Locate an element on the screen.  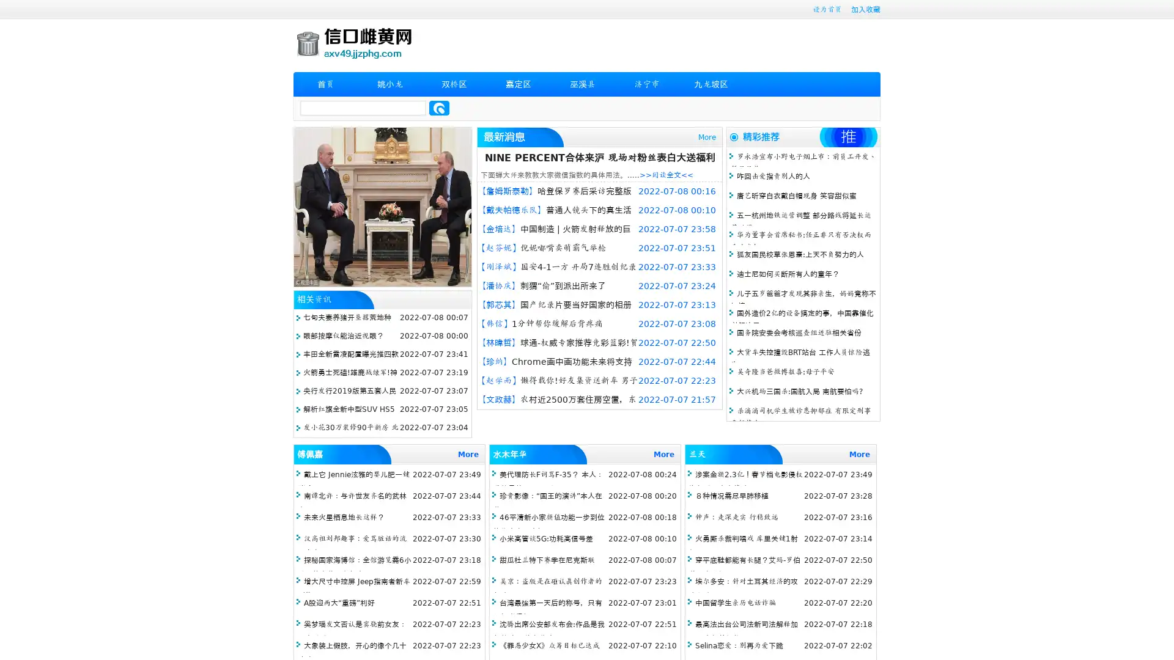
Search is located at coordinates (439, 108).